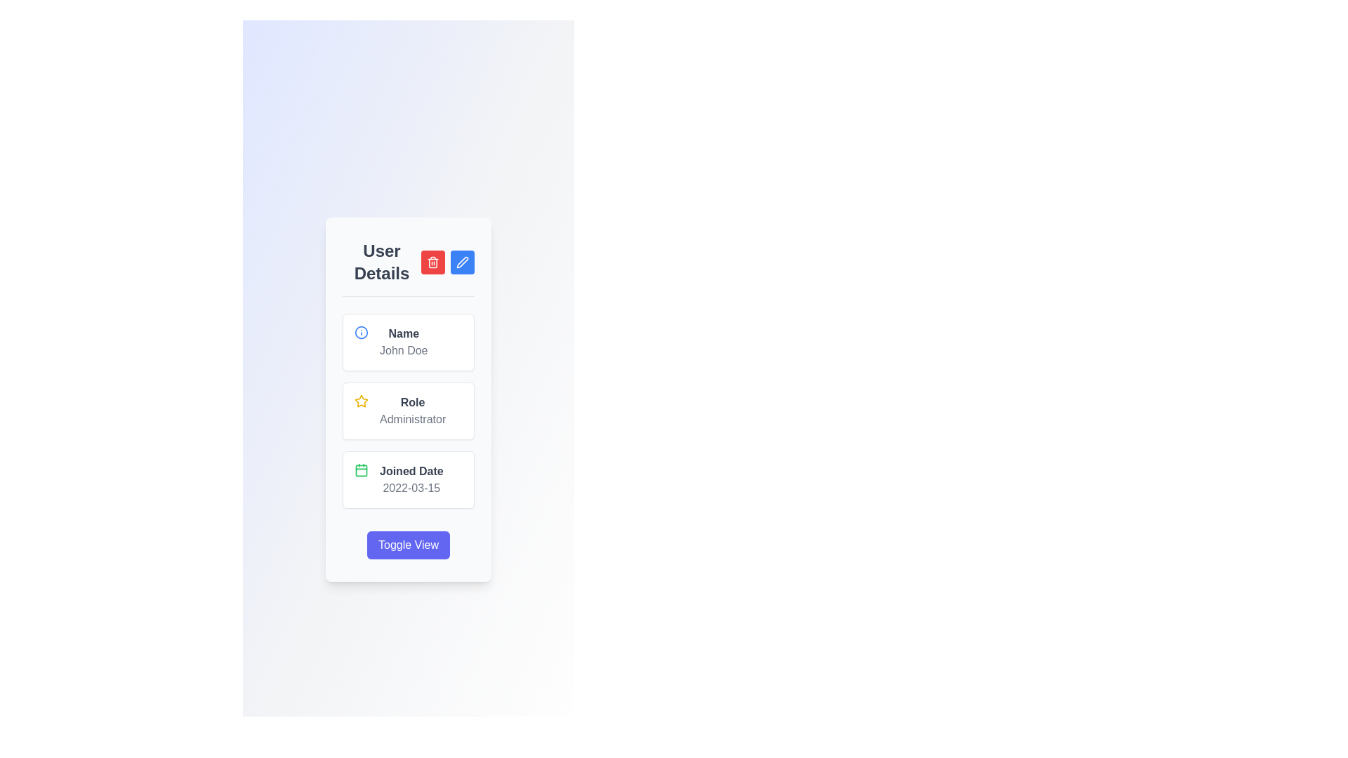 The height and width of the screenshot is (758, 1348). Describe the element at coordinates (462, 262) in the screenshot. I see `the pen icon within the blue button` at that location.